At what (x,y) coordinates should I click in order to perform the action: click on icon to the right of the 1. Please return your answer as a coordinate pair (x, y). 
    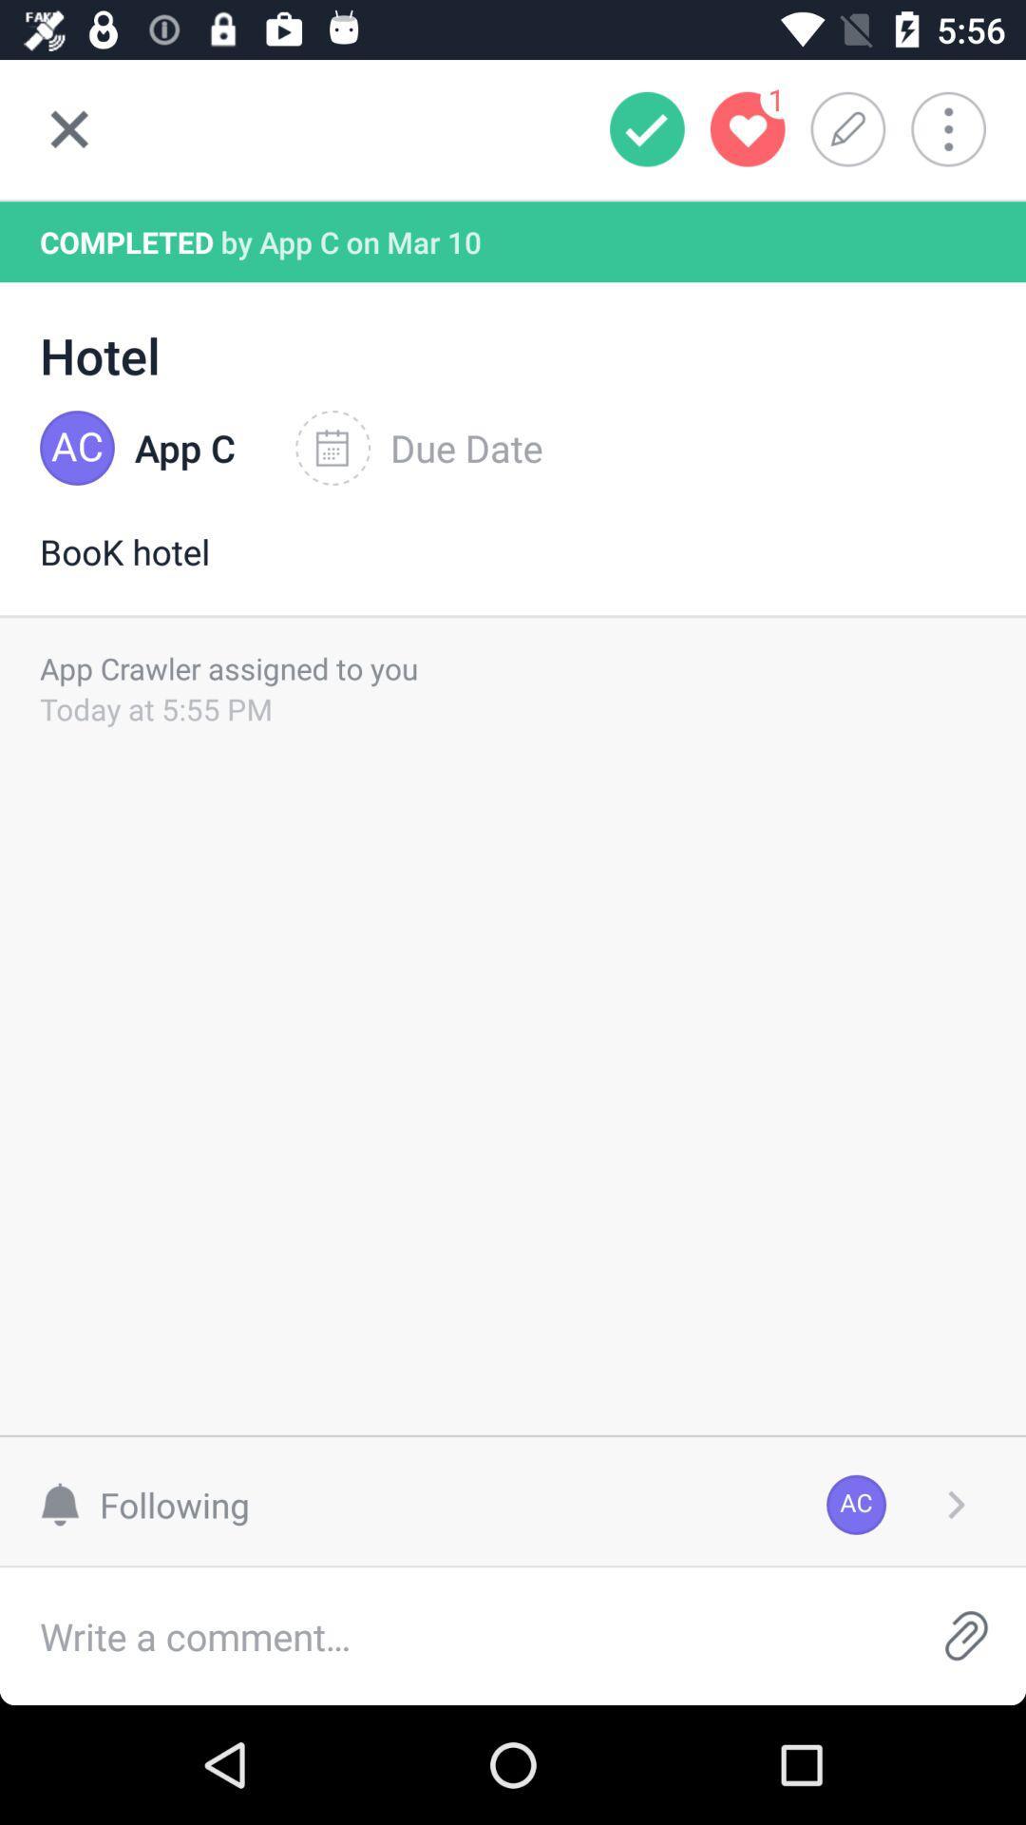
    Looking at the image, I should click on (853, 128).